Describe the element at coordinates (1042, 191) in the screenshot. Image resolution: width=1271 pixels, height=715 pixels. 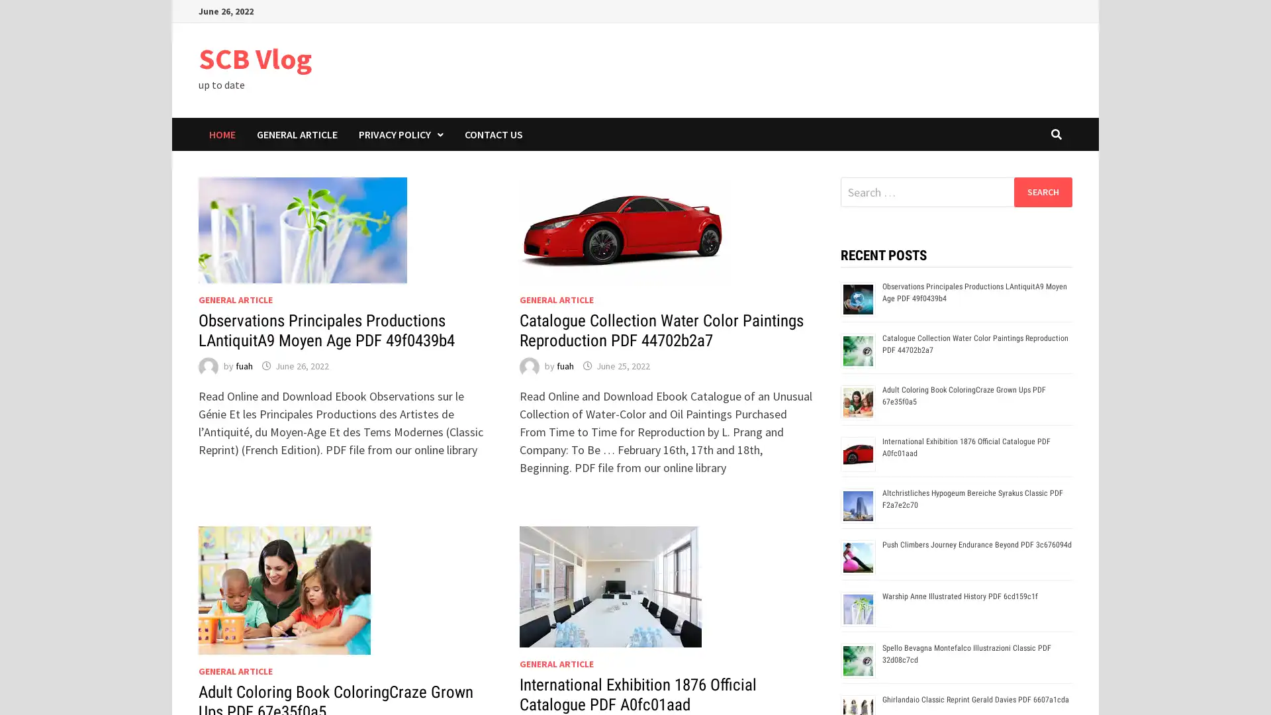
I see `Search` at that location.